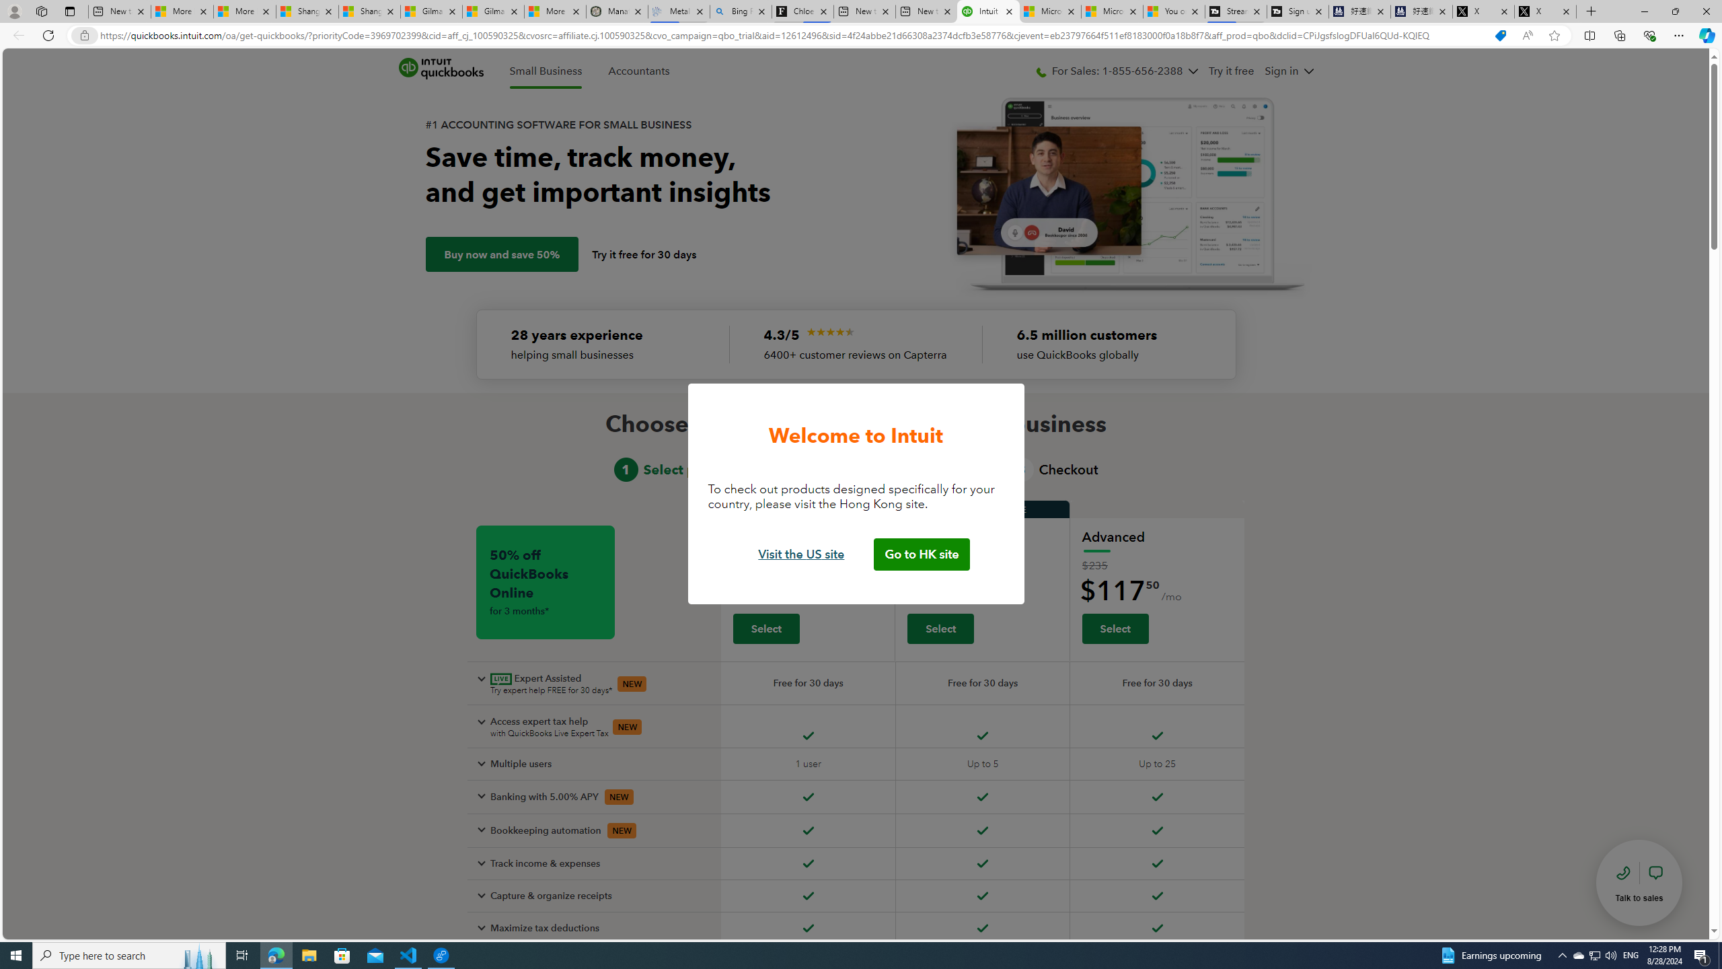 The width and height of the screenshot is (1722, 969). Describe the element at coordinates (1308, 70) in the screenshot. I see `'Class: MenuItem_dDown__f585abf6 MenuItem_white__f585abf6'` at that location.